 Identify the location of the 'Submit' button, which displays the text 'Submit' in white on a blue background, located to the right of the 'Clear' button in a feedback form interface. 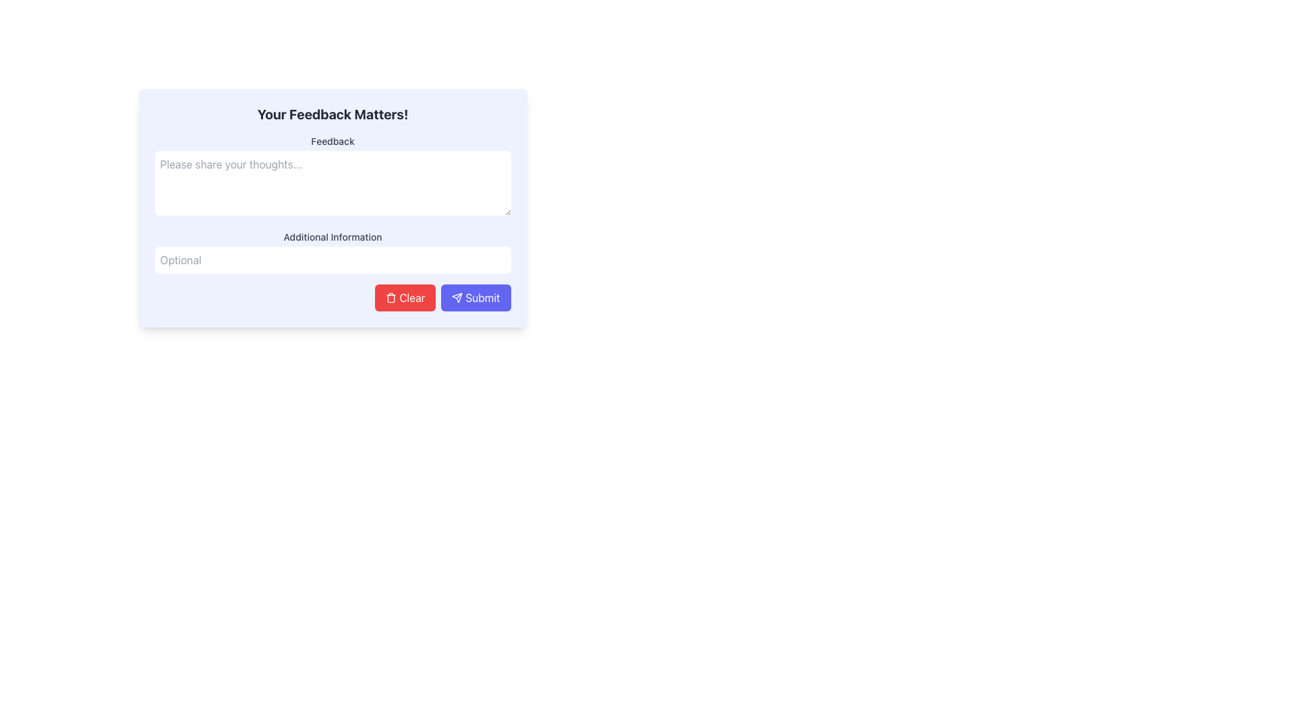
(482, 297).